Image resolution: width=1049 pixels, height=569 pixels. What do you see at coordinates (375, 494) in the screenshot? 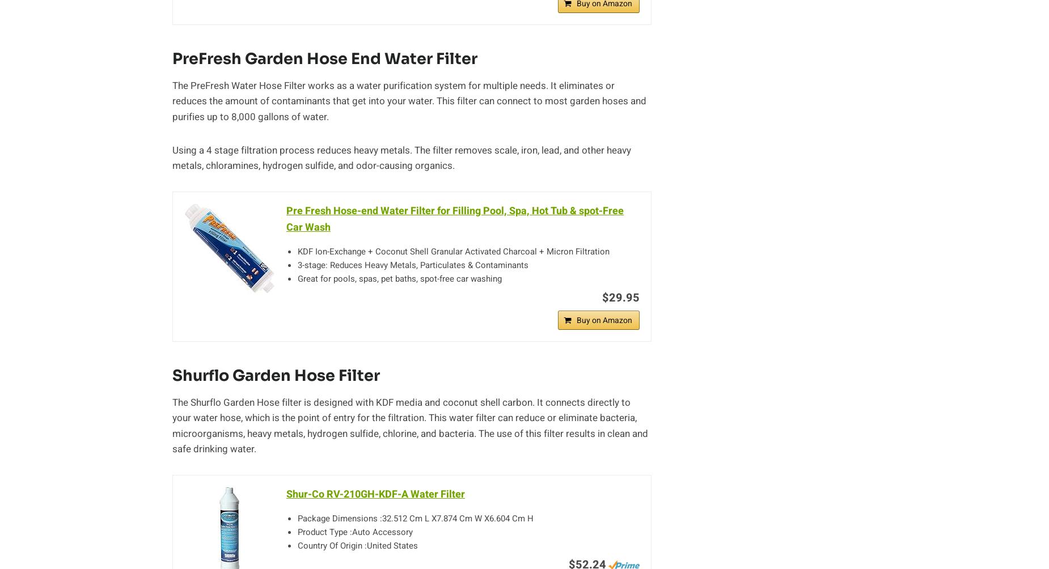
I see `'Shur-Co RV-210GH-KDF-A Water Filter'` at bounding box center [375, 494].